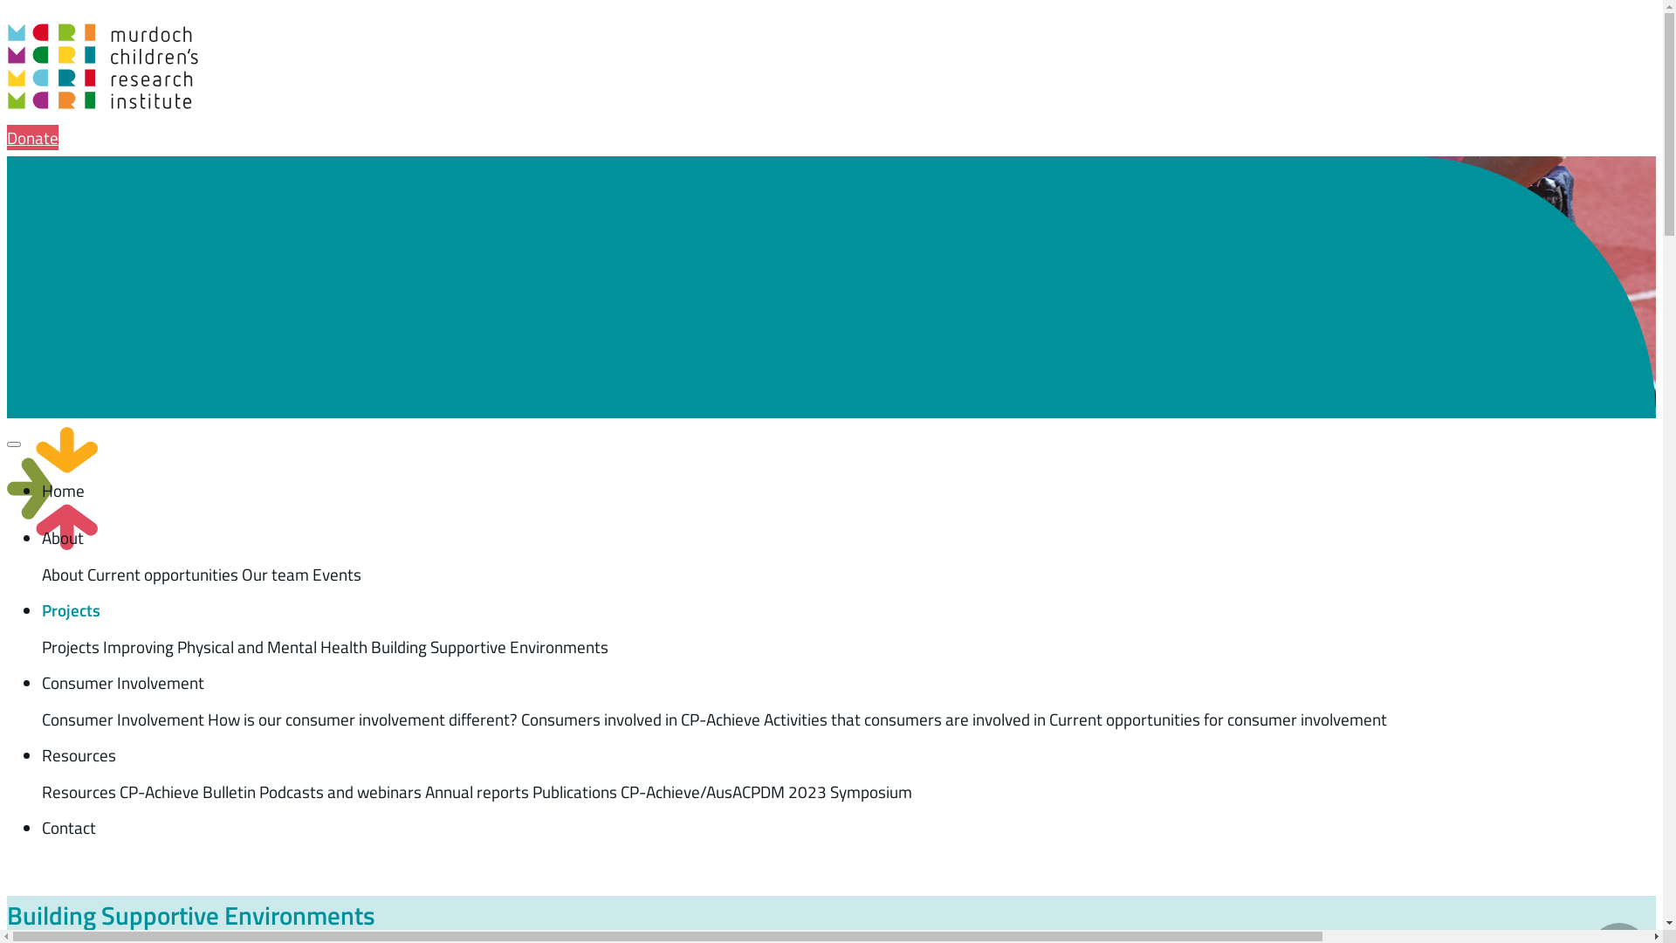 This screenshot has height=943, width=1676. I want to click on 'CP-Achieve/AusACPDM 2023 Symposium', so click(620, 791).